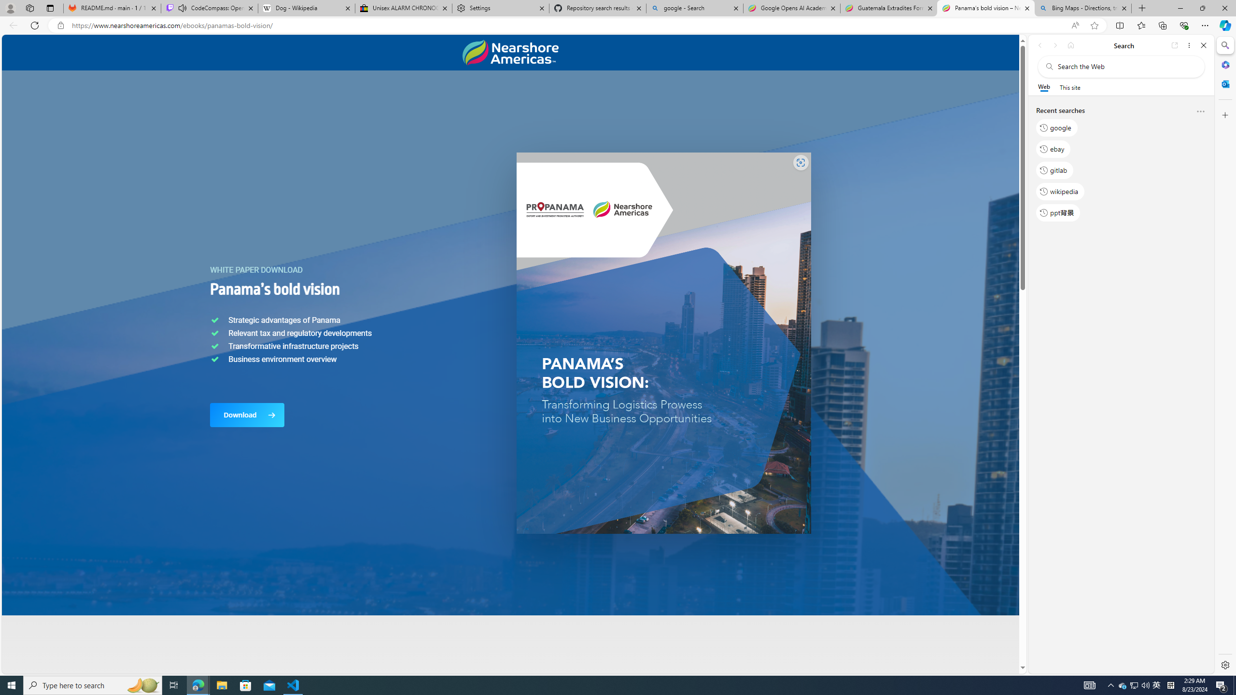 The image size is (1236, 695). Describe the element at coordinates (183, 7) in the screenshot. I see `'Mute tab'` at that location.